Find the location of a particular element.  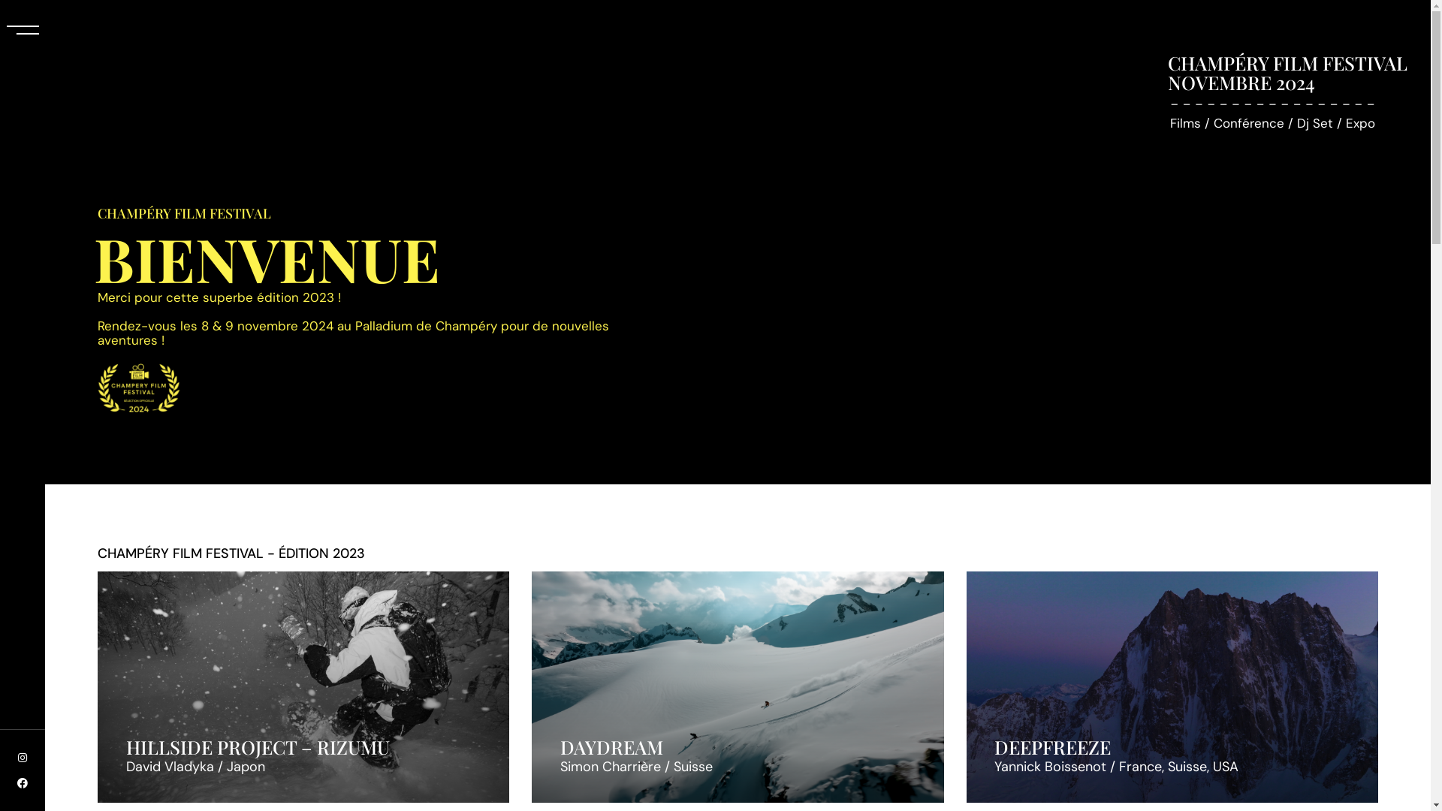

'Yannick Boissenot' is located at coordinates (1049, 767).